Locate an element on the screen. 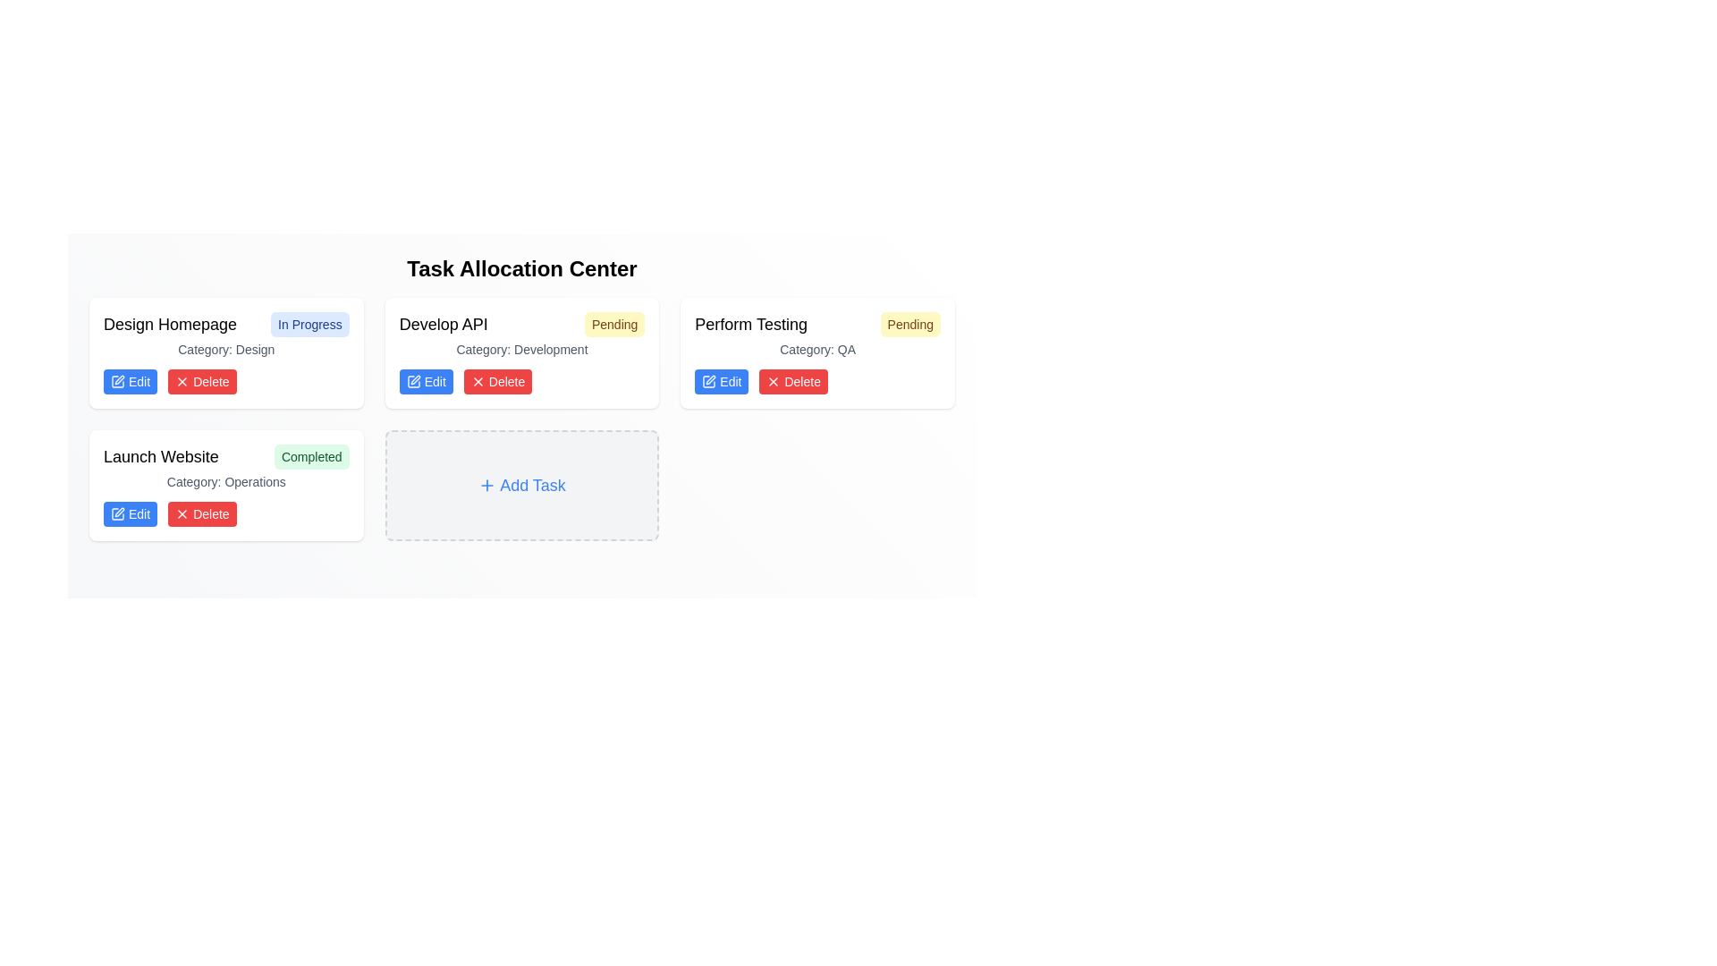  the edit icon within the 'Edit' button for the task 'Develop API' located in the second column of the task board is located at coordinates (412, 381).